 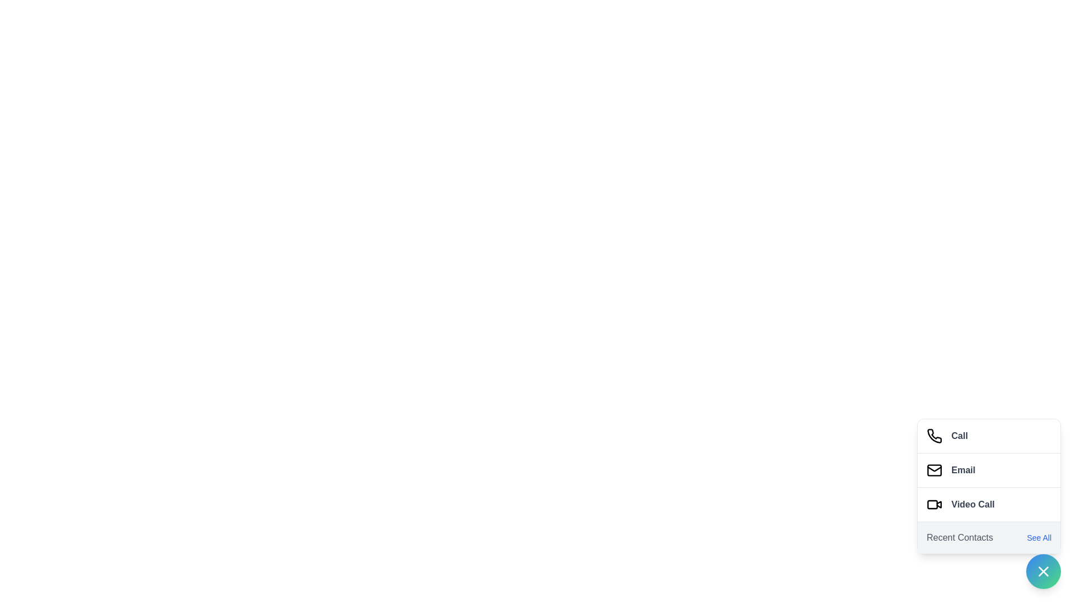 What do you see at coordinates (989, 436) in the screenshot?
I see `the 'Call' button to initiate a phone call` at bounding box center [989, 436].